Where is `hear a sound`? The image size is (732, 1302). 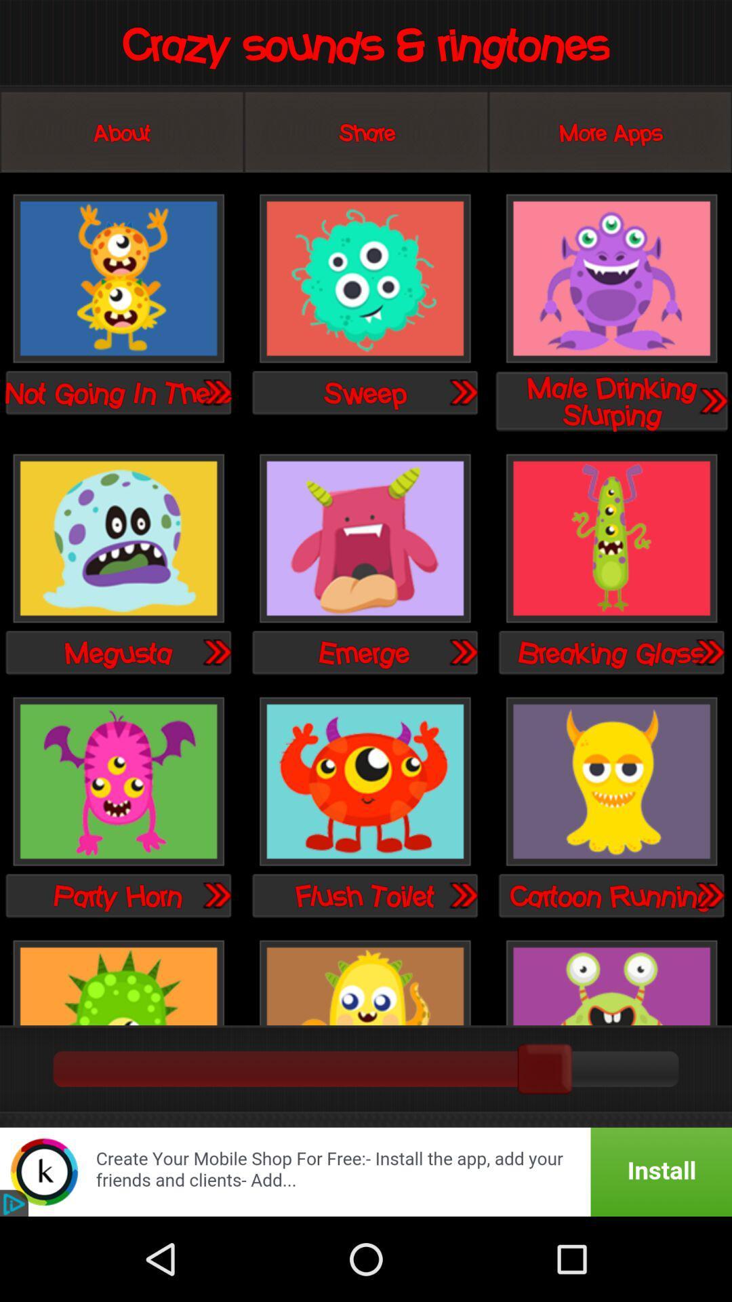
hear a sound is located at coordinates (118, 279).